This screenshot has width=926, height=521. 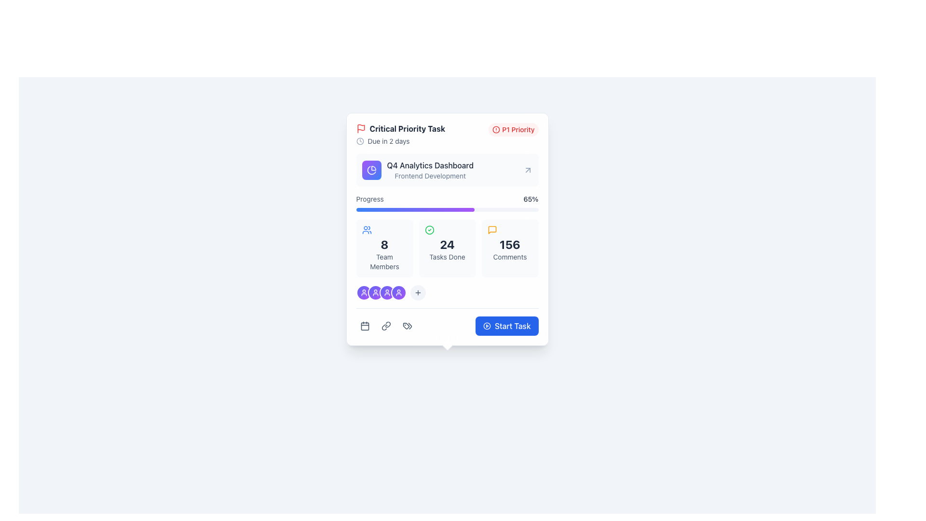 I want to click on the 'Start Task' button located at the bottom right corner of the highlighted task card, so click(x=512, y=326).